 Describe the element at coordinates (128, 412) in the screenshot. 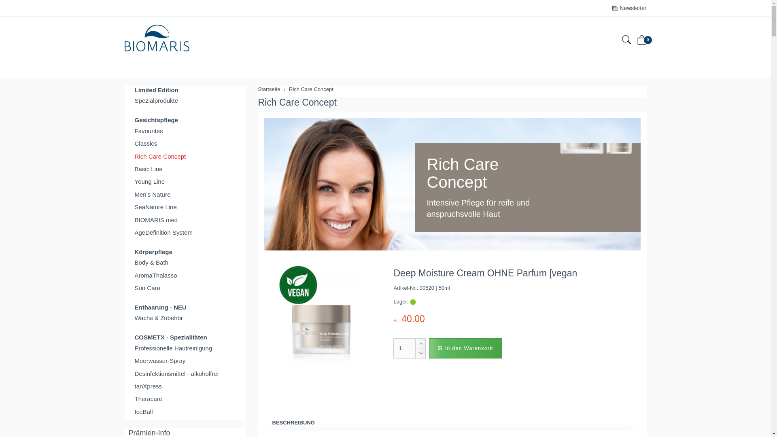

I see `'IceBall'` at that location.